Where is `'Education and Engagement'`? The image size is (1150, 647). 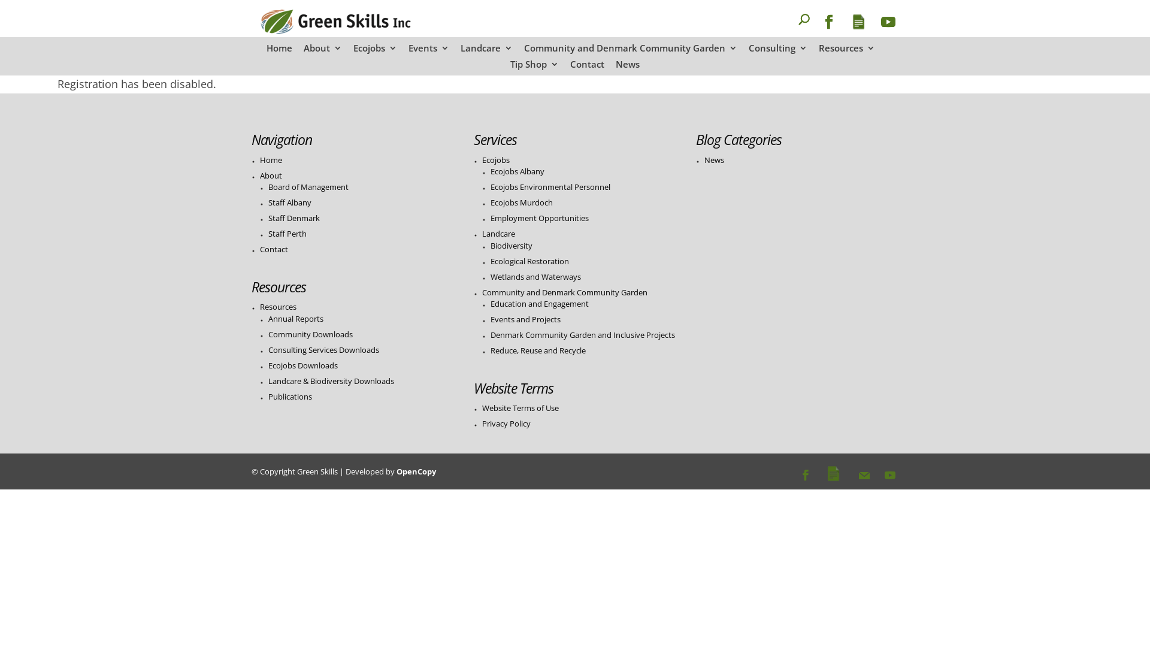
'Education and Engagement' is located at coordinates (539, 303).